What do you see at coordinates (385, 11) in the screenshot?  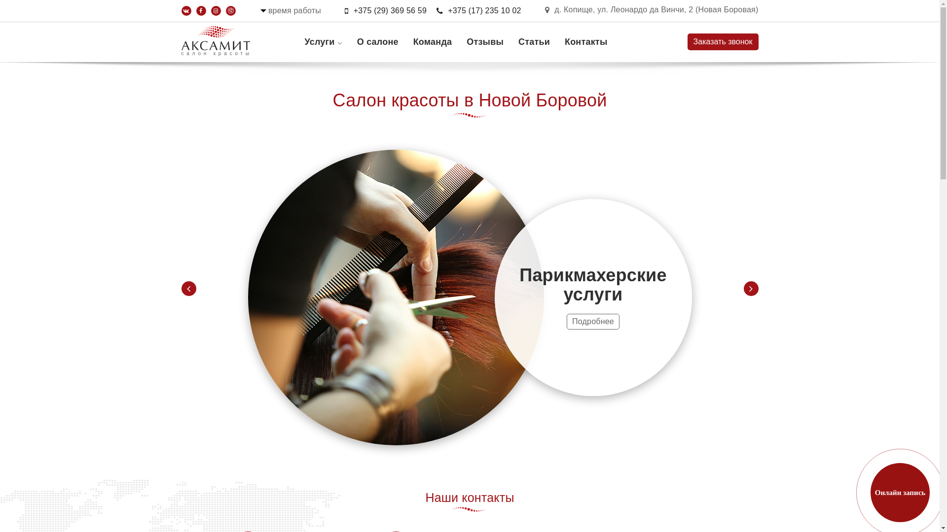 I see `'+375 (29) 369 56 59'` at bounding box center [385, 11].